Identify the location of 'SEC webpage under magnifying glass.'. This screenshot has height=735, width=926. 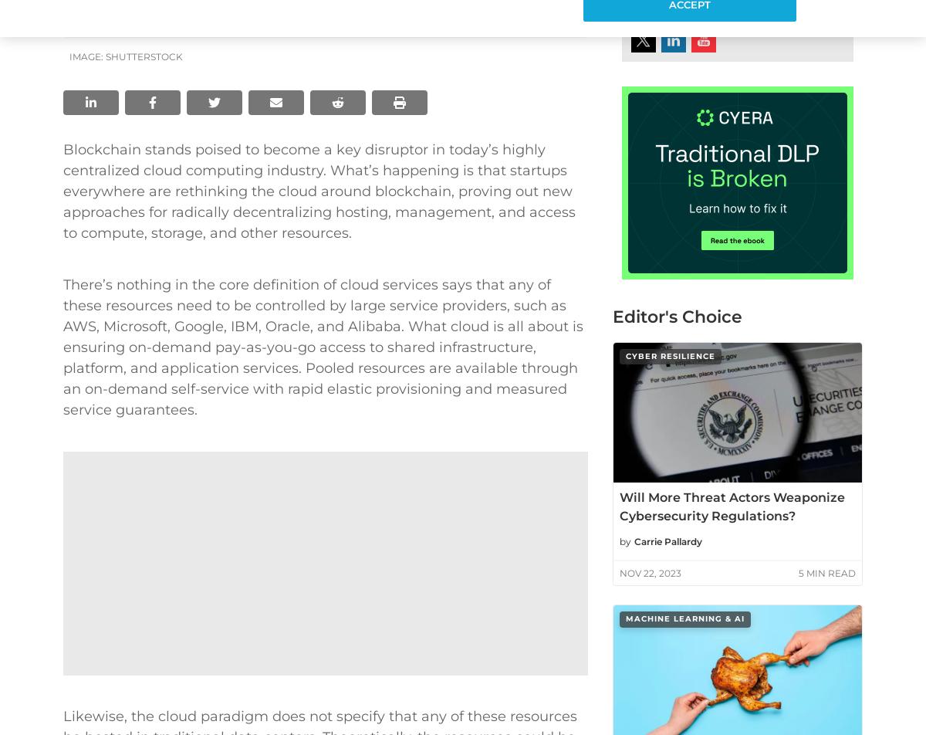
(732, 350).